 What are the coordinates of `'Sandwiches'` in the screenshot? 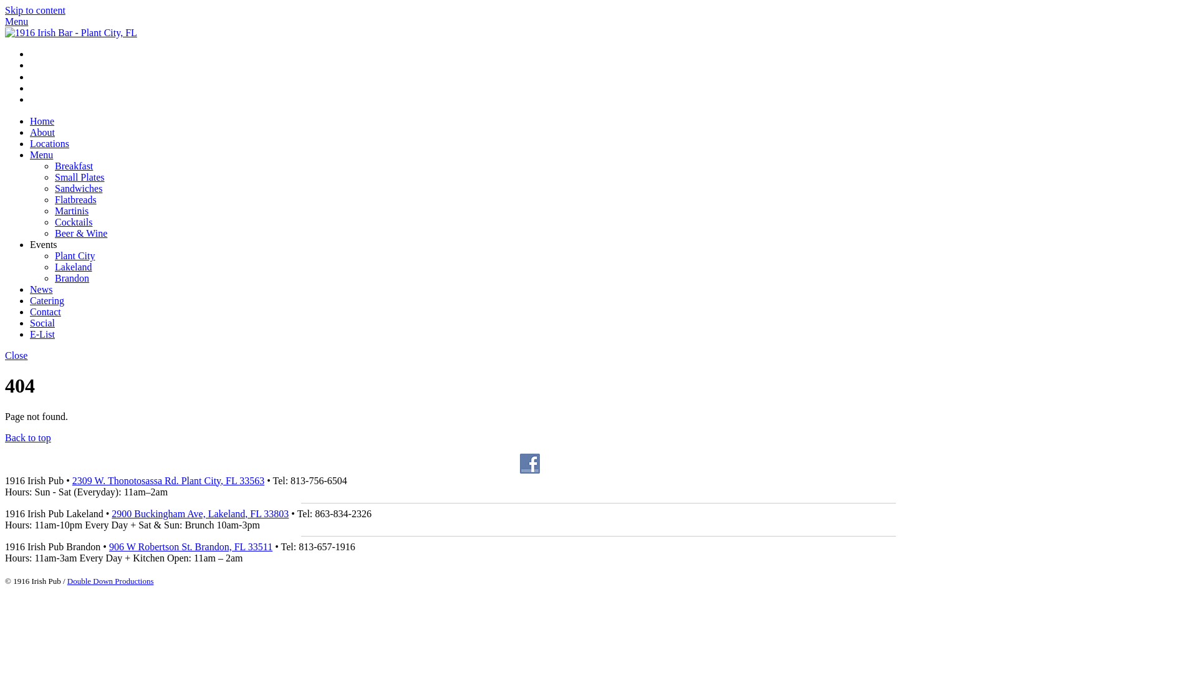 It's located at (77, 188).